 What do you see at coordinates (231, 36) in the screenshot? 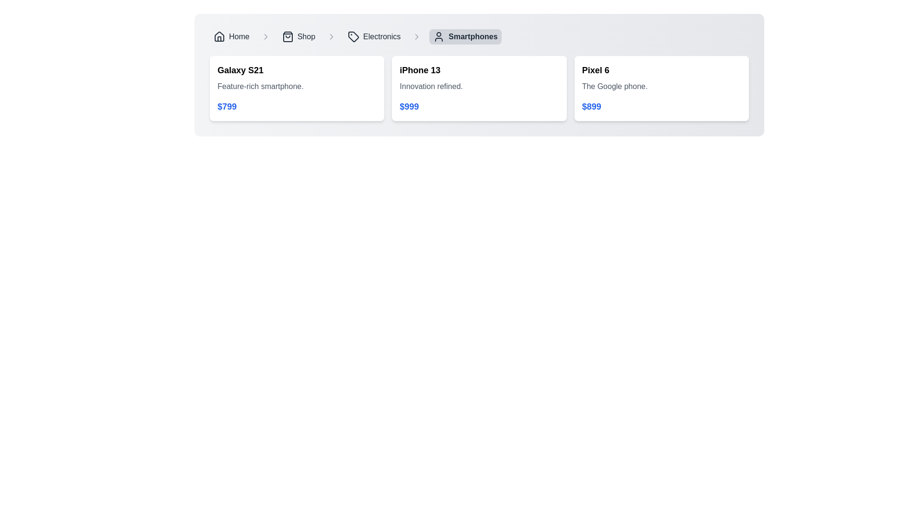
I see `the Breadcrumb Navigation Link located at the far left end of the breadcrumb navigation bar to change its background color` at bounding box center [231, 36].